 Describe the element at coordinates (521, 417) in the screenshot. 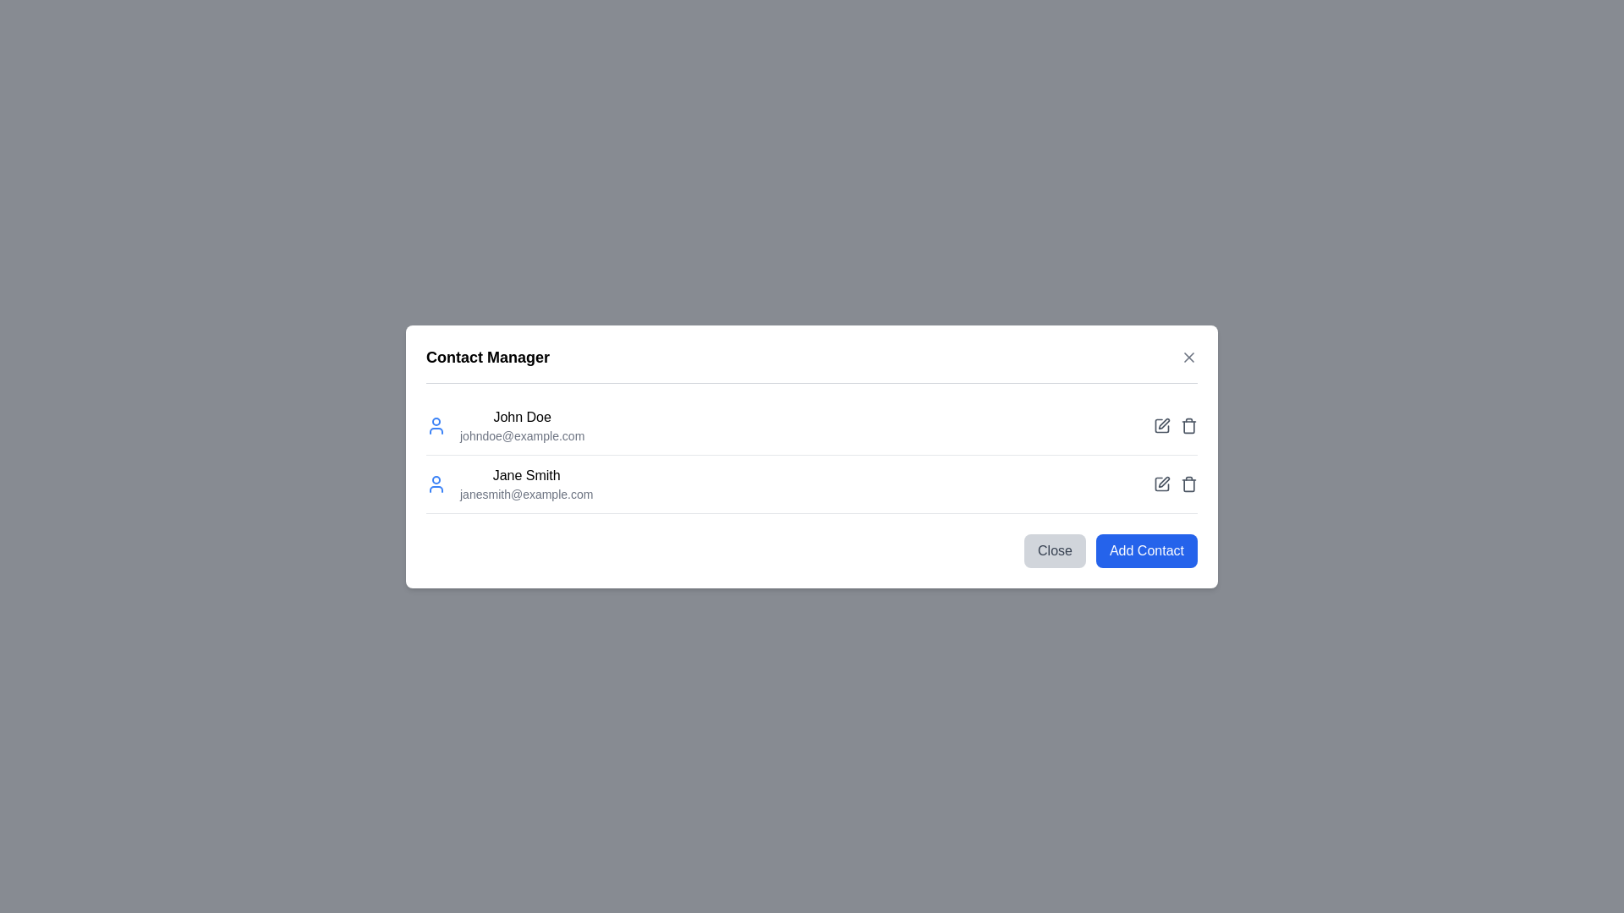

I see `the contact name display label in the Contact Manager dialog, which is the first entry above the email address of the contact` at that location.